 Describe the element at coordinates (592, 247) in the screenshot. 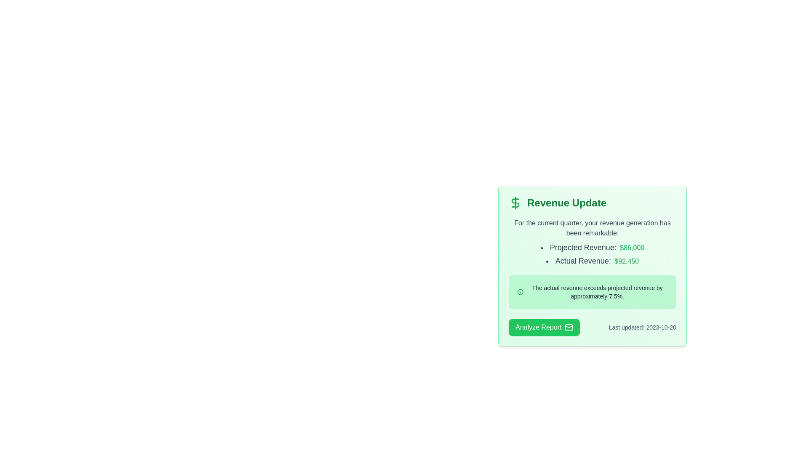

I see `displayed text of the Text Label showing 'Projected Revenue: $86,000', which is the first item in the bullet-point list under the 'Revenue Update' section` at that location.